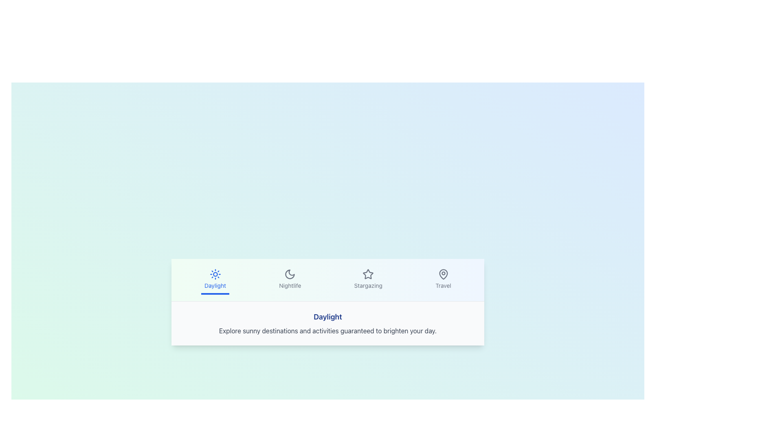 This screenshot has width=782, height=439. I want to click on the decorative sun icon representing 'Daylight' in the navigation menu, located in the leftmost section of the navigation bar, so click(215, 274).